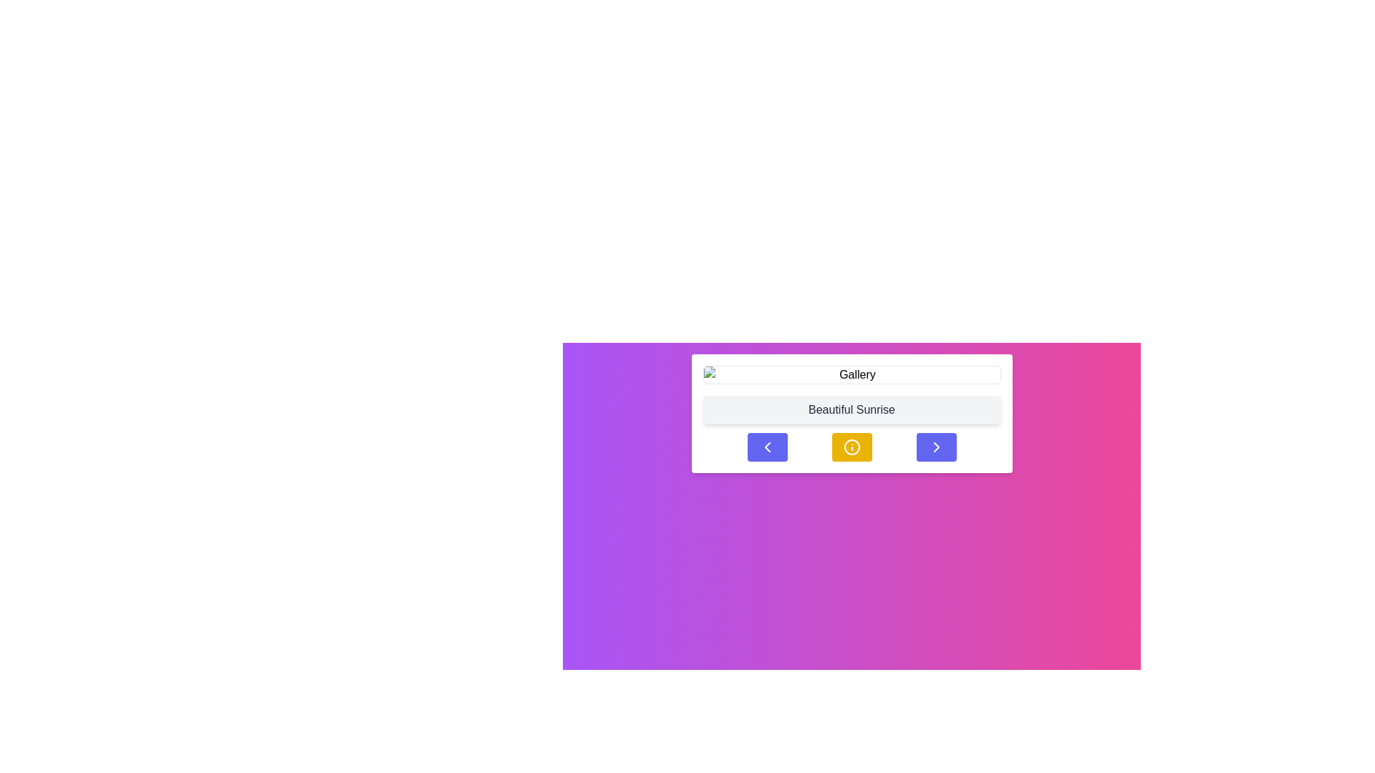 The image size is (1375, 773). Describe the element at coordinates (851, 410) in the screenshot. I see `the text display element that shows the phrase 'Beautiful Sunrise', which is styled with a darker gray tone and is located below the 'Gallery' image placeholder` at that location.